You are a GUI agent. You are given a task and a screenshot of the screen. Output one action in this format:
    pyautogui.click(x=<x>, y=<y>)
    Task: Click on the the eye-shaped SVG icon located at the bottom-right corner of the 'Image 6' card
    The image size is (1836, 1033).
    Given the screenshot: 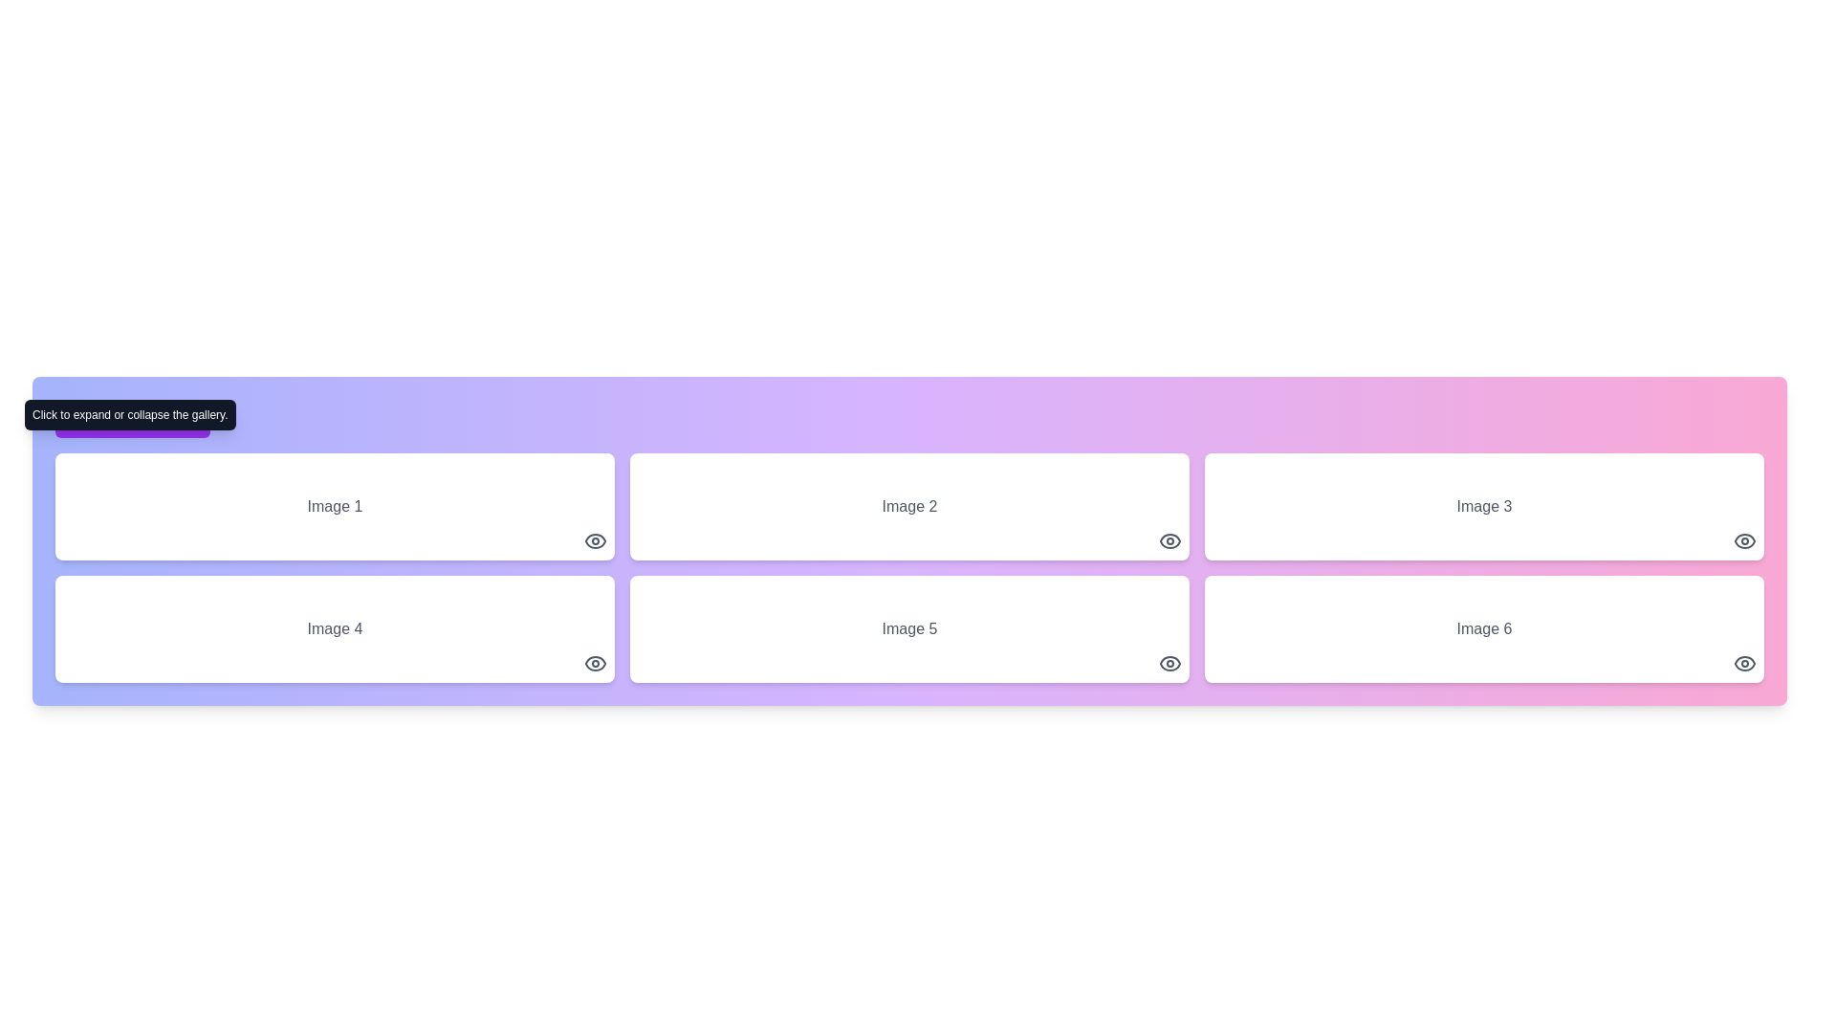 What is the action you would take?
    pyautogui.click(x=1744, y=663)
    